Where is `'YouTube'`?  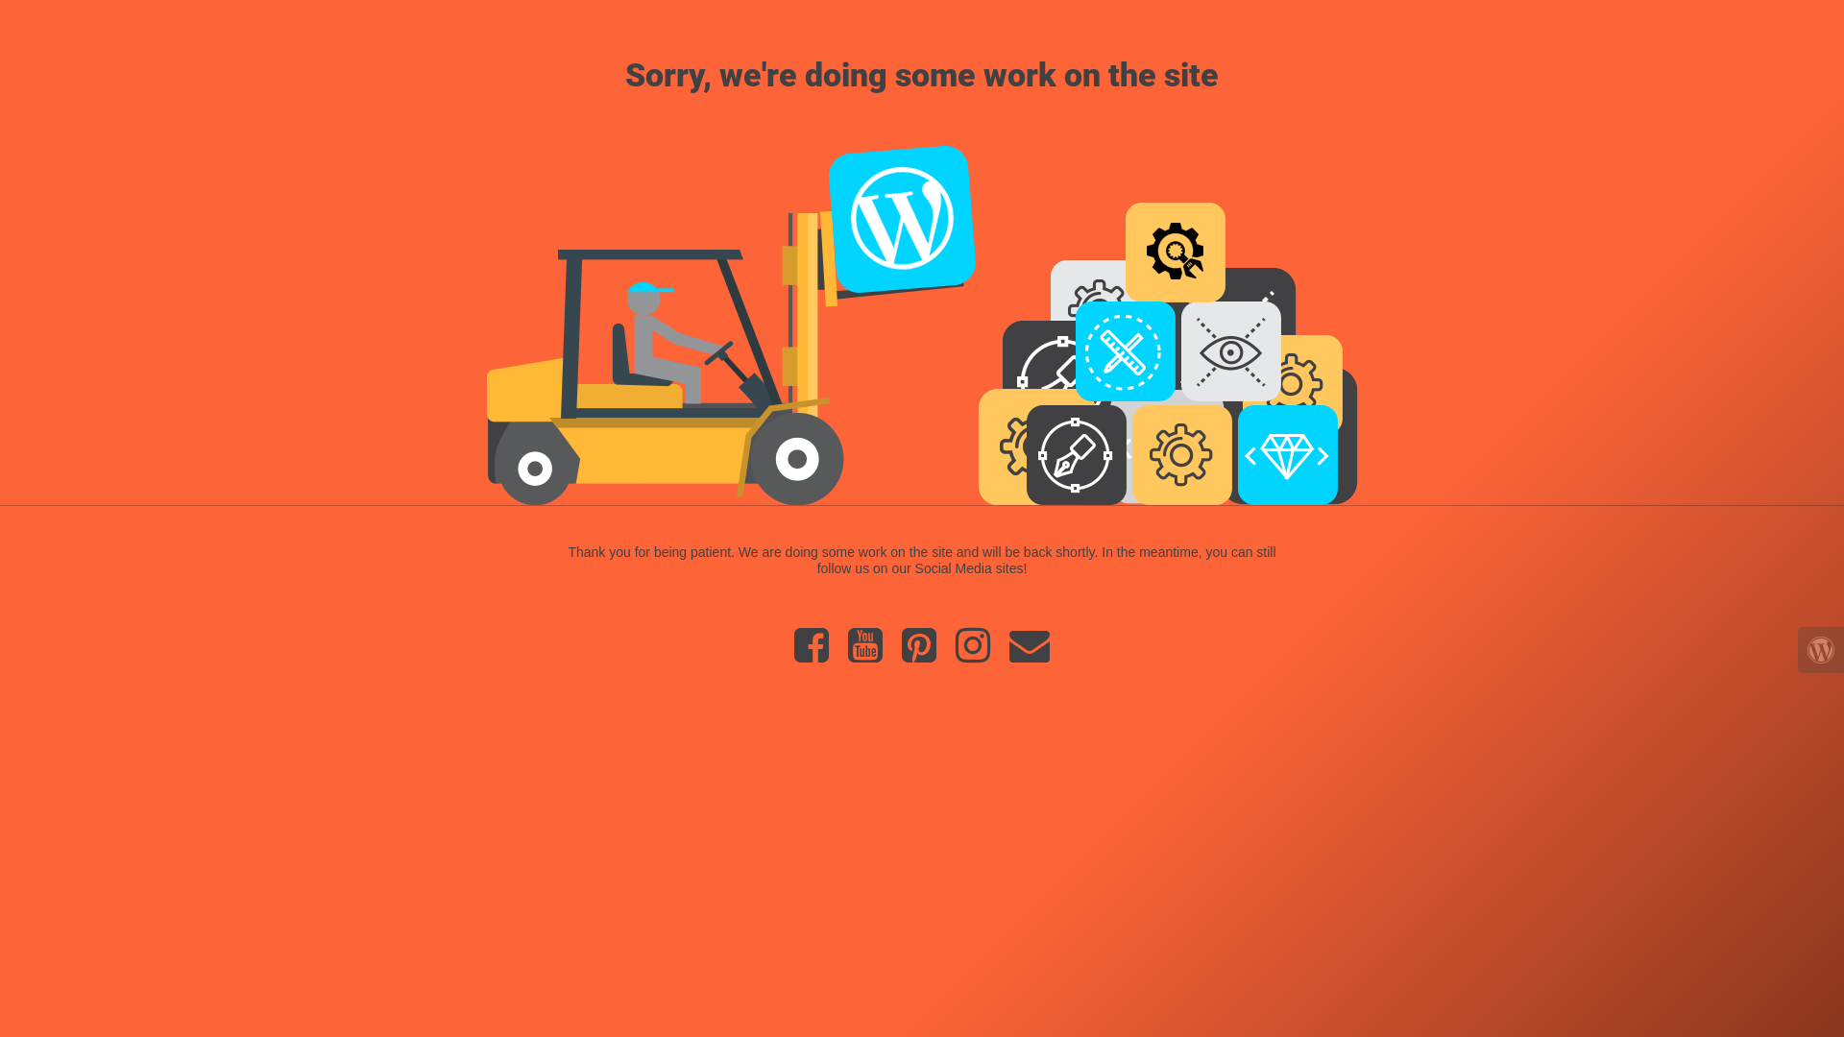
'YouTube' is located at coordinates (838, 654).